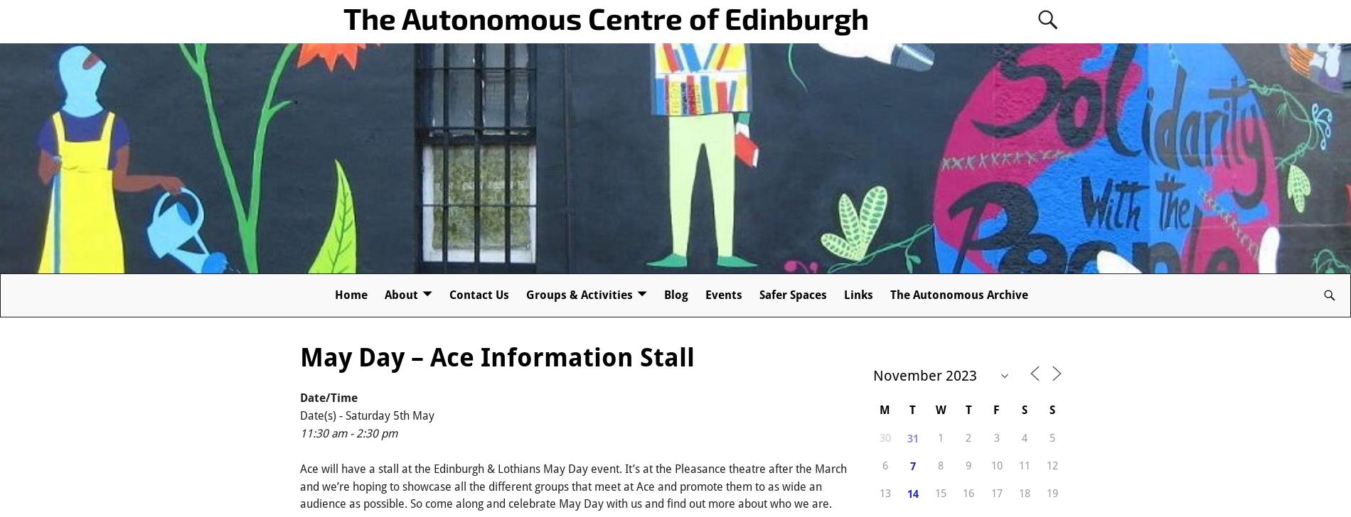 The width and height of the screenshot is (1351, 517). Describe the element at coordinates (958, 295) in the screenshot. I see `'The Autonomous Archive'` at that location.